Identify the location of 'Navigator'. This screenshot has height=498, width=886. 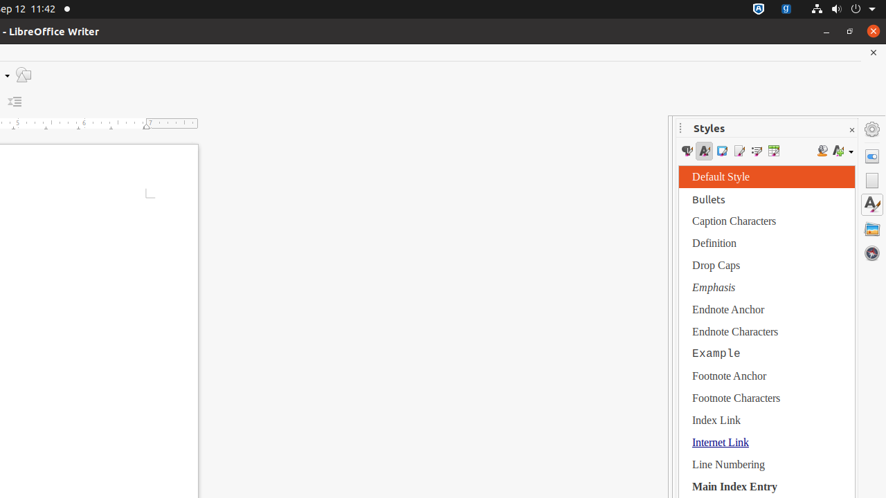
(871, 252).